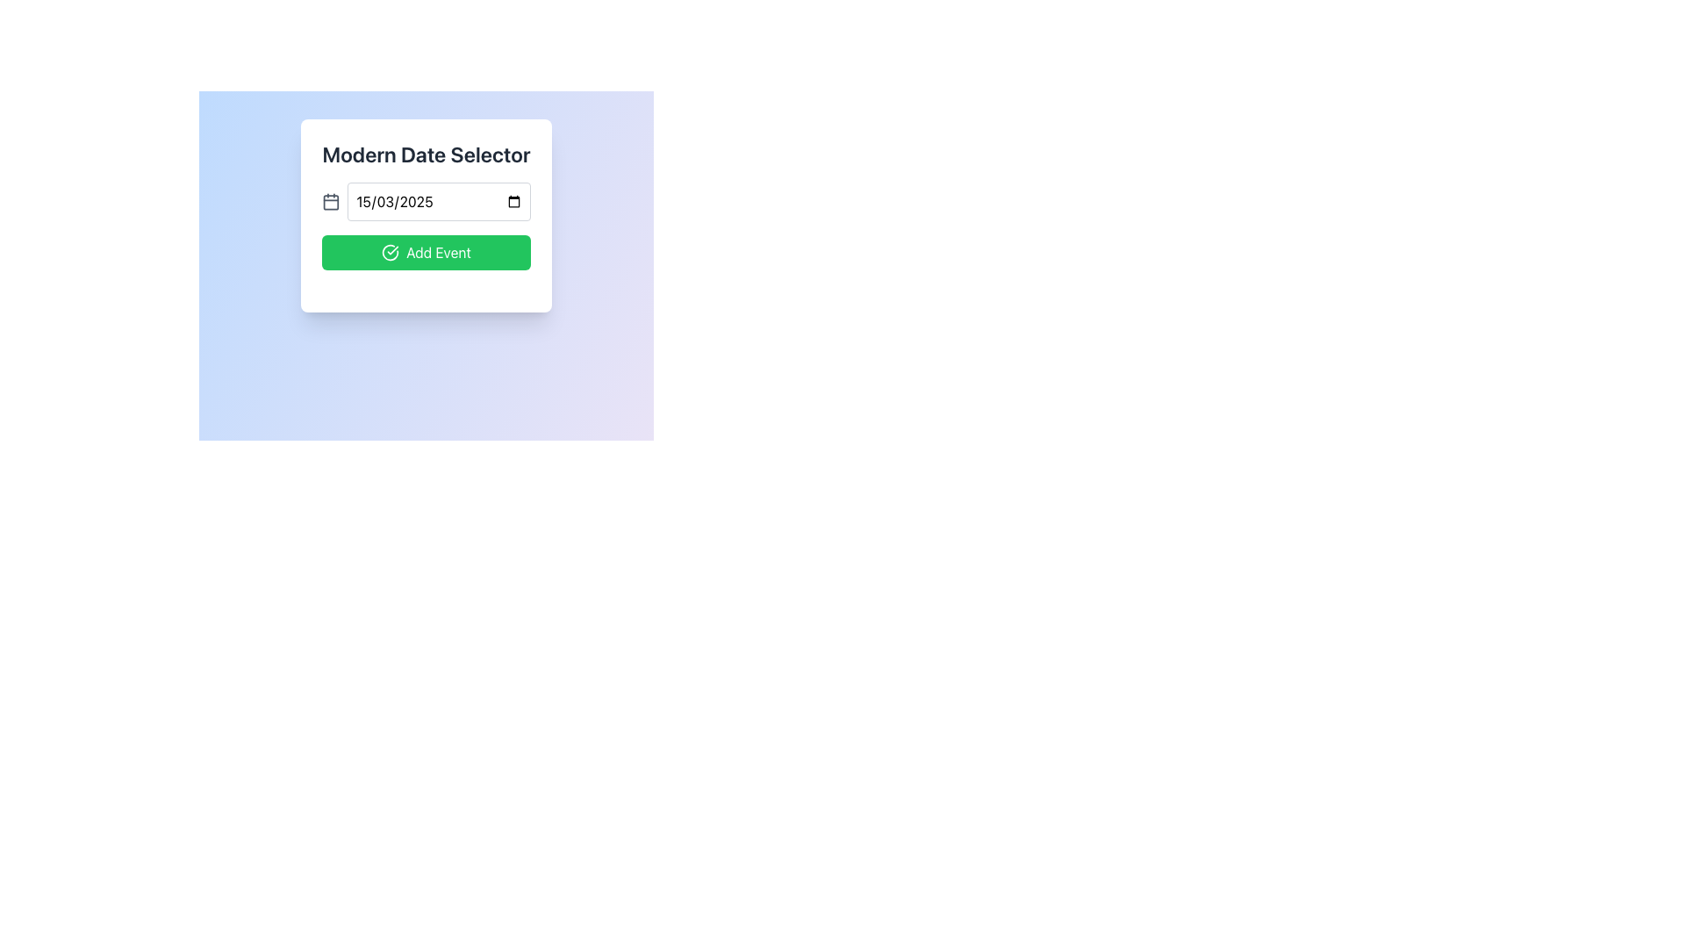  I want to click on the calendar icon, which is an outlined square with a grid and two horizontal lines, to focus on the related date input field, so click(331, 201).